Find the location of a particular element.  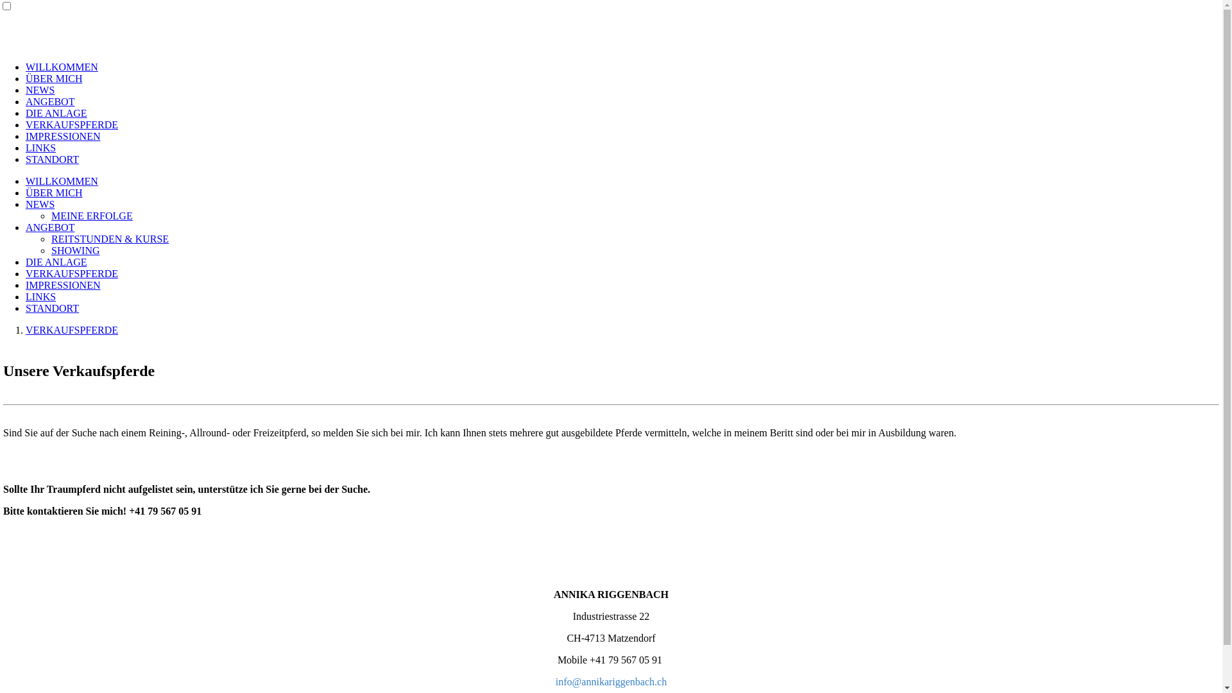

'NEWS' is located at coordinates (40, 203).